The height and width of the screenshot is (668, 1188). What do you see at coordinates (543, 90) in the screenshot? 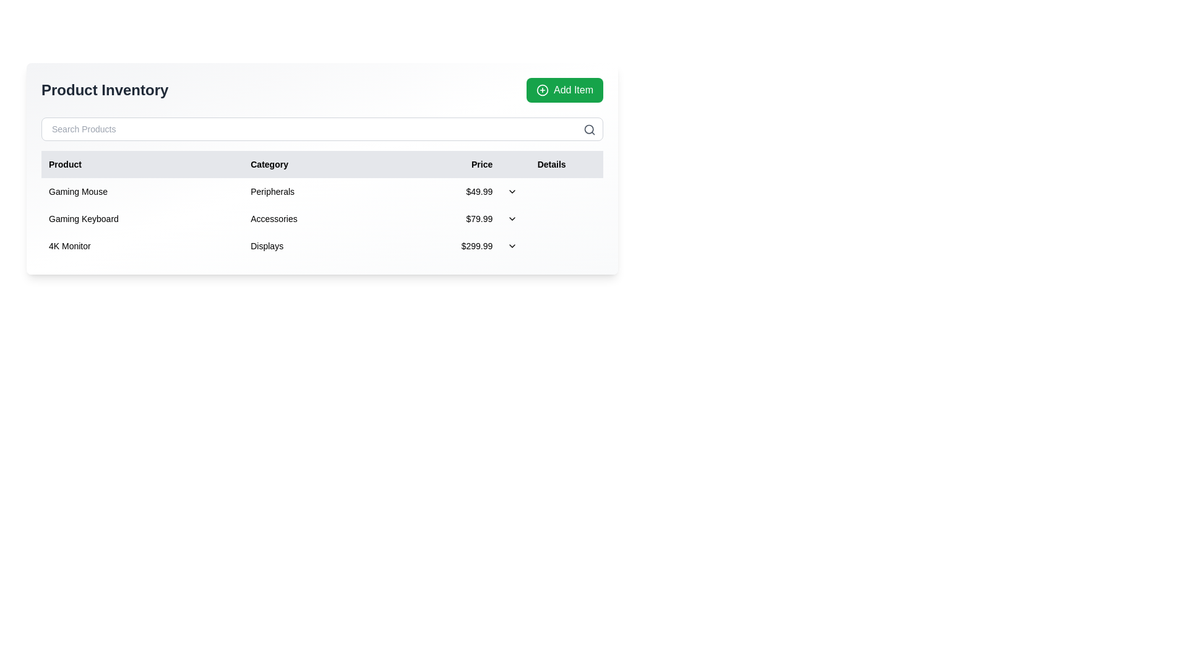
I see `the decorative icon located within the 'Add Item' button, which serves as a visual indicator for adding new items` at bounding box center [543, 90].